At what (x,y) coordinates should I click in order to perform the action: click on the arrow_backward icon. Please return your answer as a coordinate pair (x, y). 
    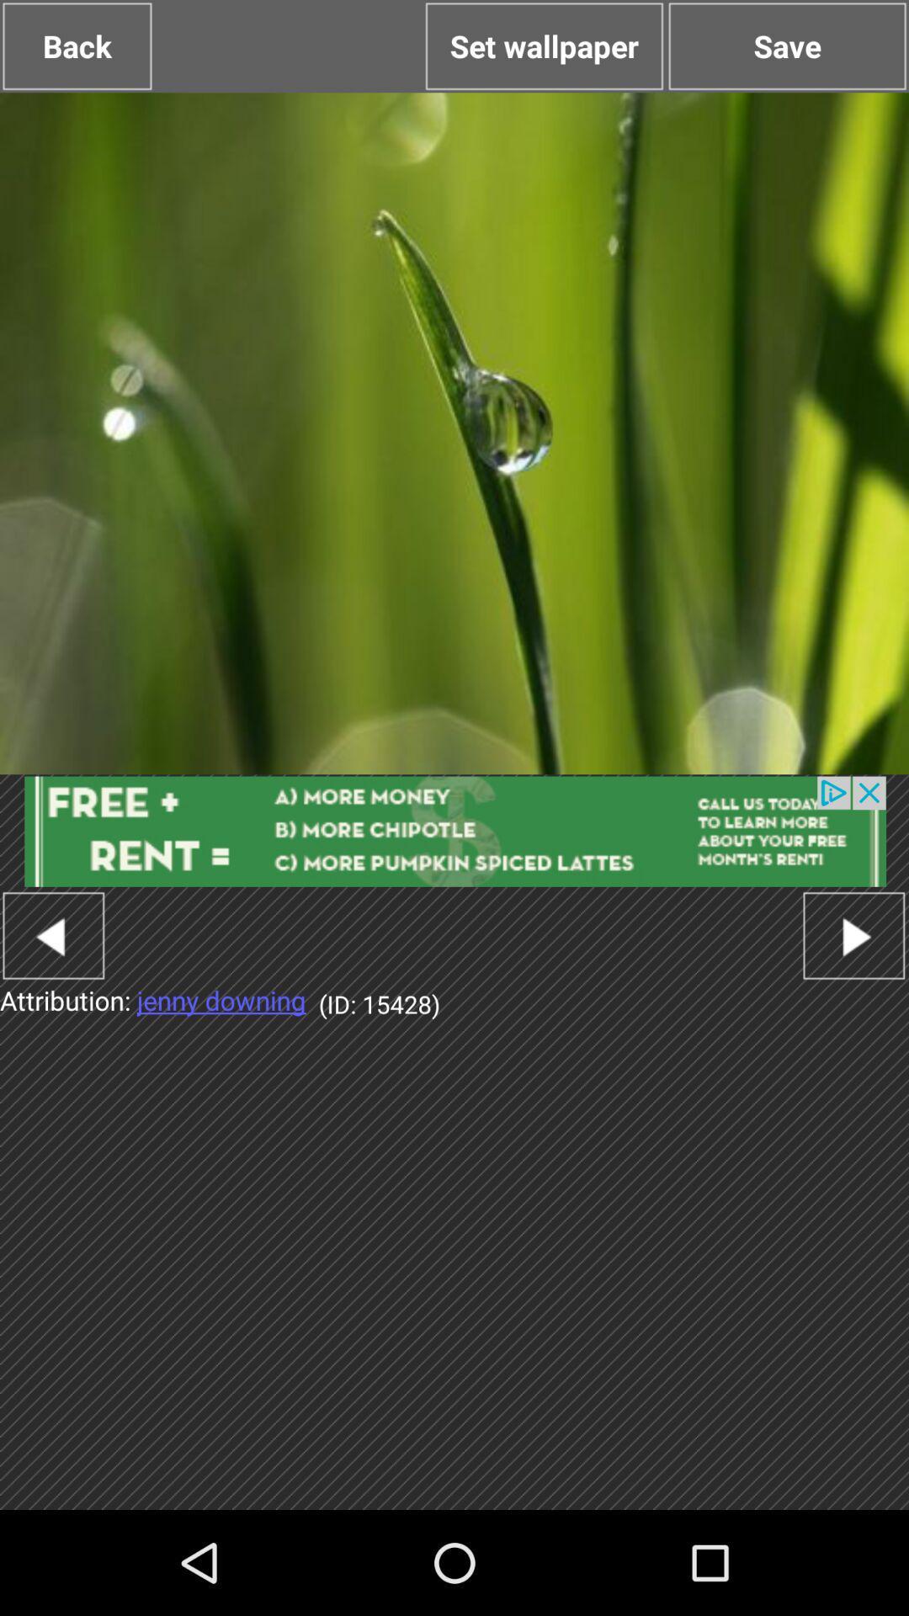
    Looking at the image, I should click on (52, 1002).